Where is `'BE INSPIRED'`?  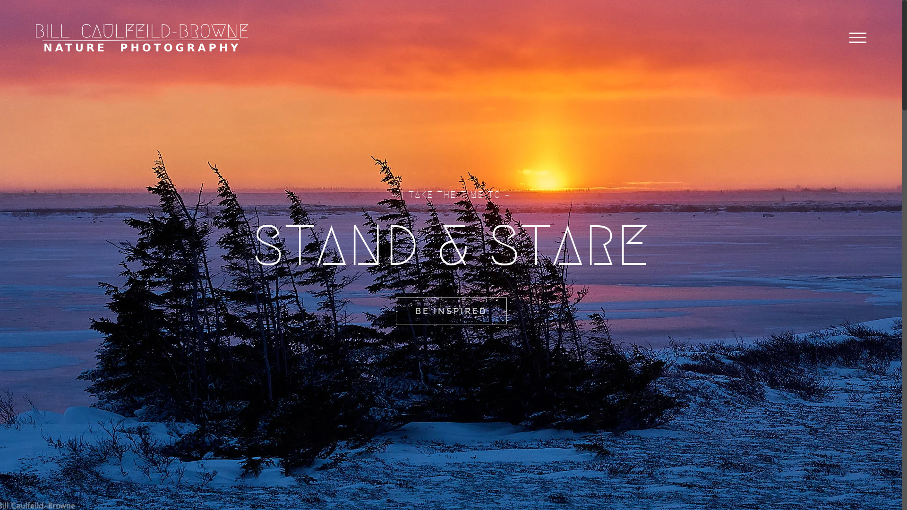
'BE INSPIRED' is located at coordinates (396, 311).